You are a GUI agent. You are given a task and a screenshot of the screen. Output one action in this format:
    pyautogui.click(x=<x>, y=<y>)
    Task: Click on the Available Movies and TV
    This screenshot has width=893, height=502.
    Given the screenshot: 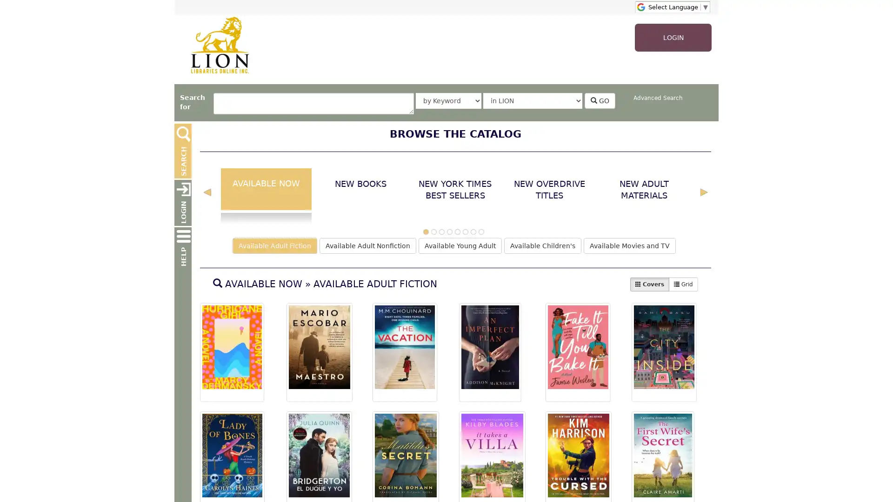 What is the action you would take?
    pyautogui.click(x=629, y=245)
    